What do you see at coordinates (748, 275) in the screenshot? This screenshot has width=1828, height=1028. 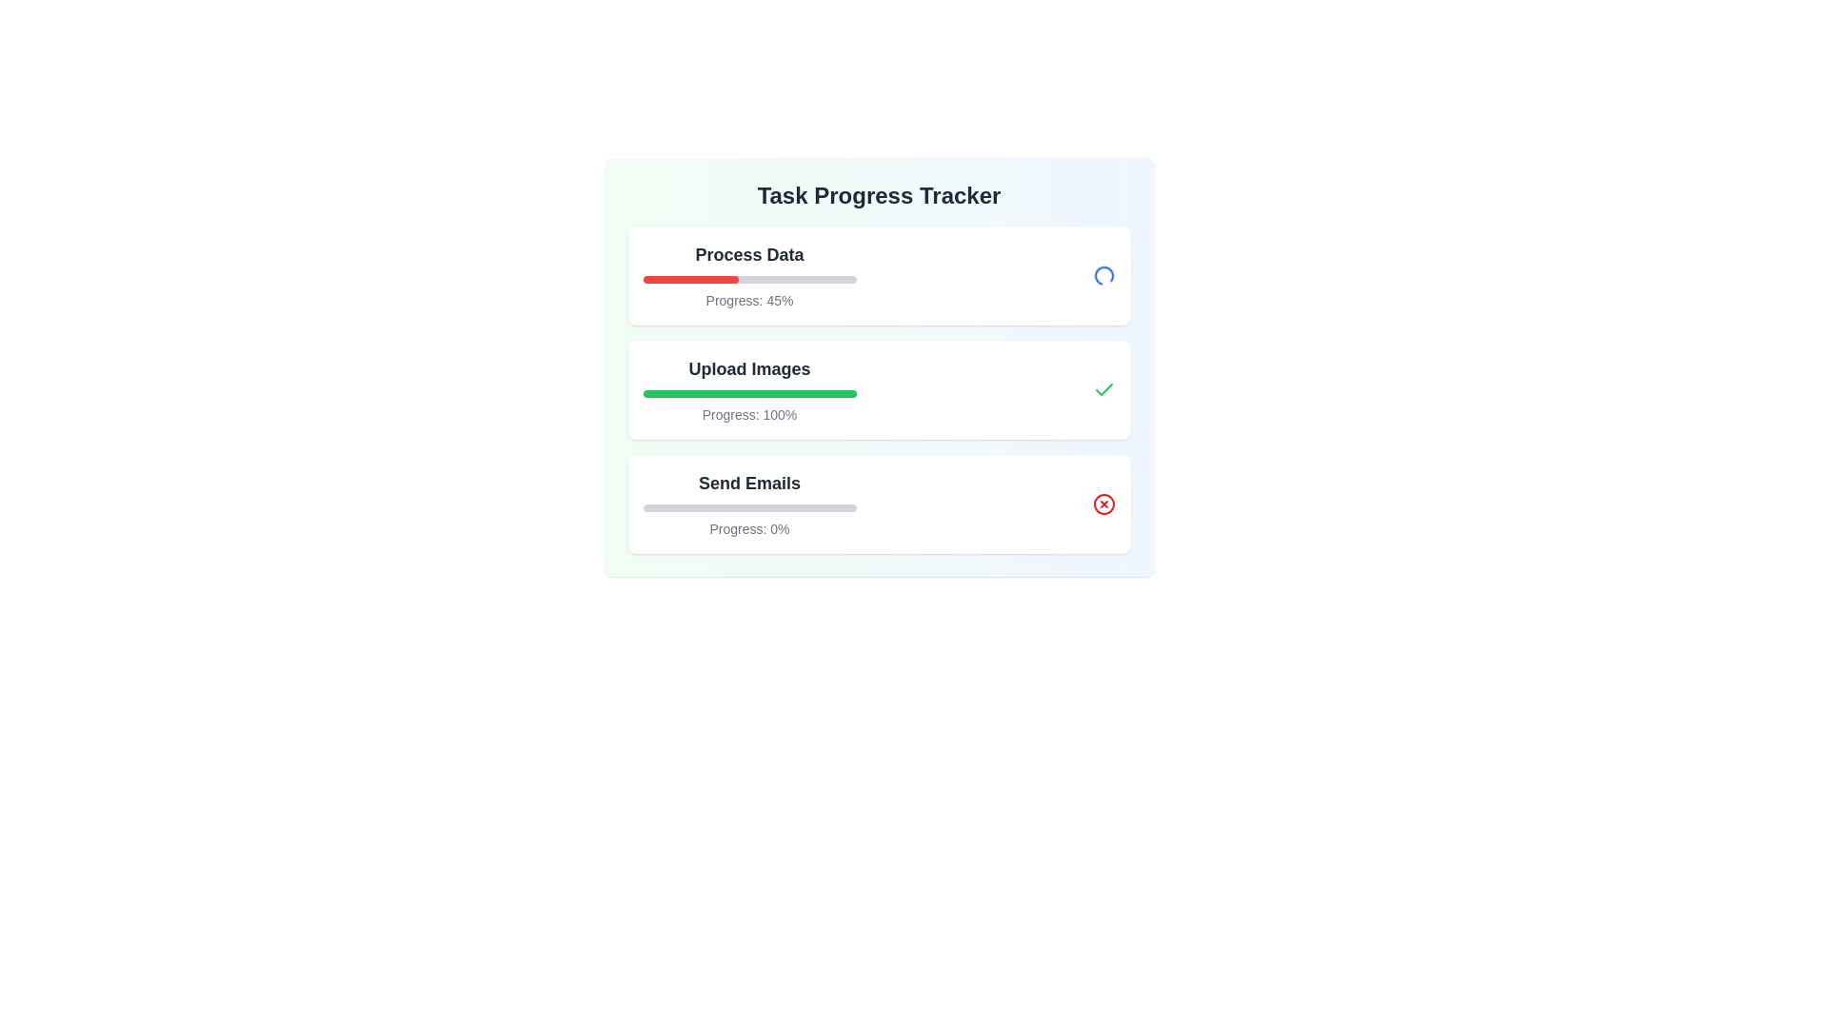 I see `the progress bar indicating 45% completion` at bounding box center [748, 275].